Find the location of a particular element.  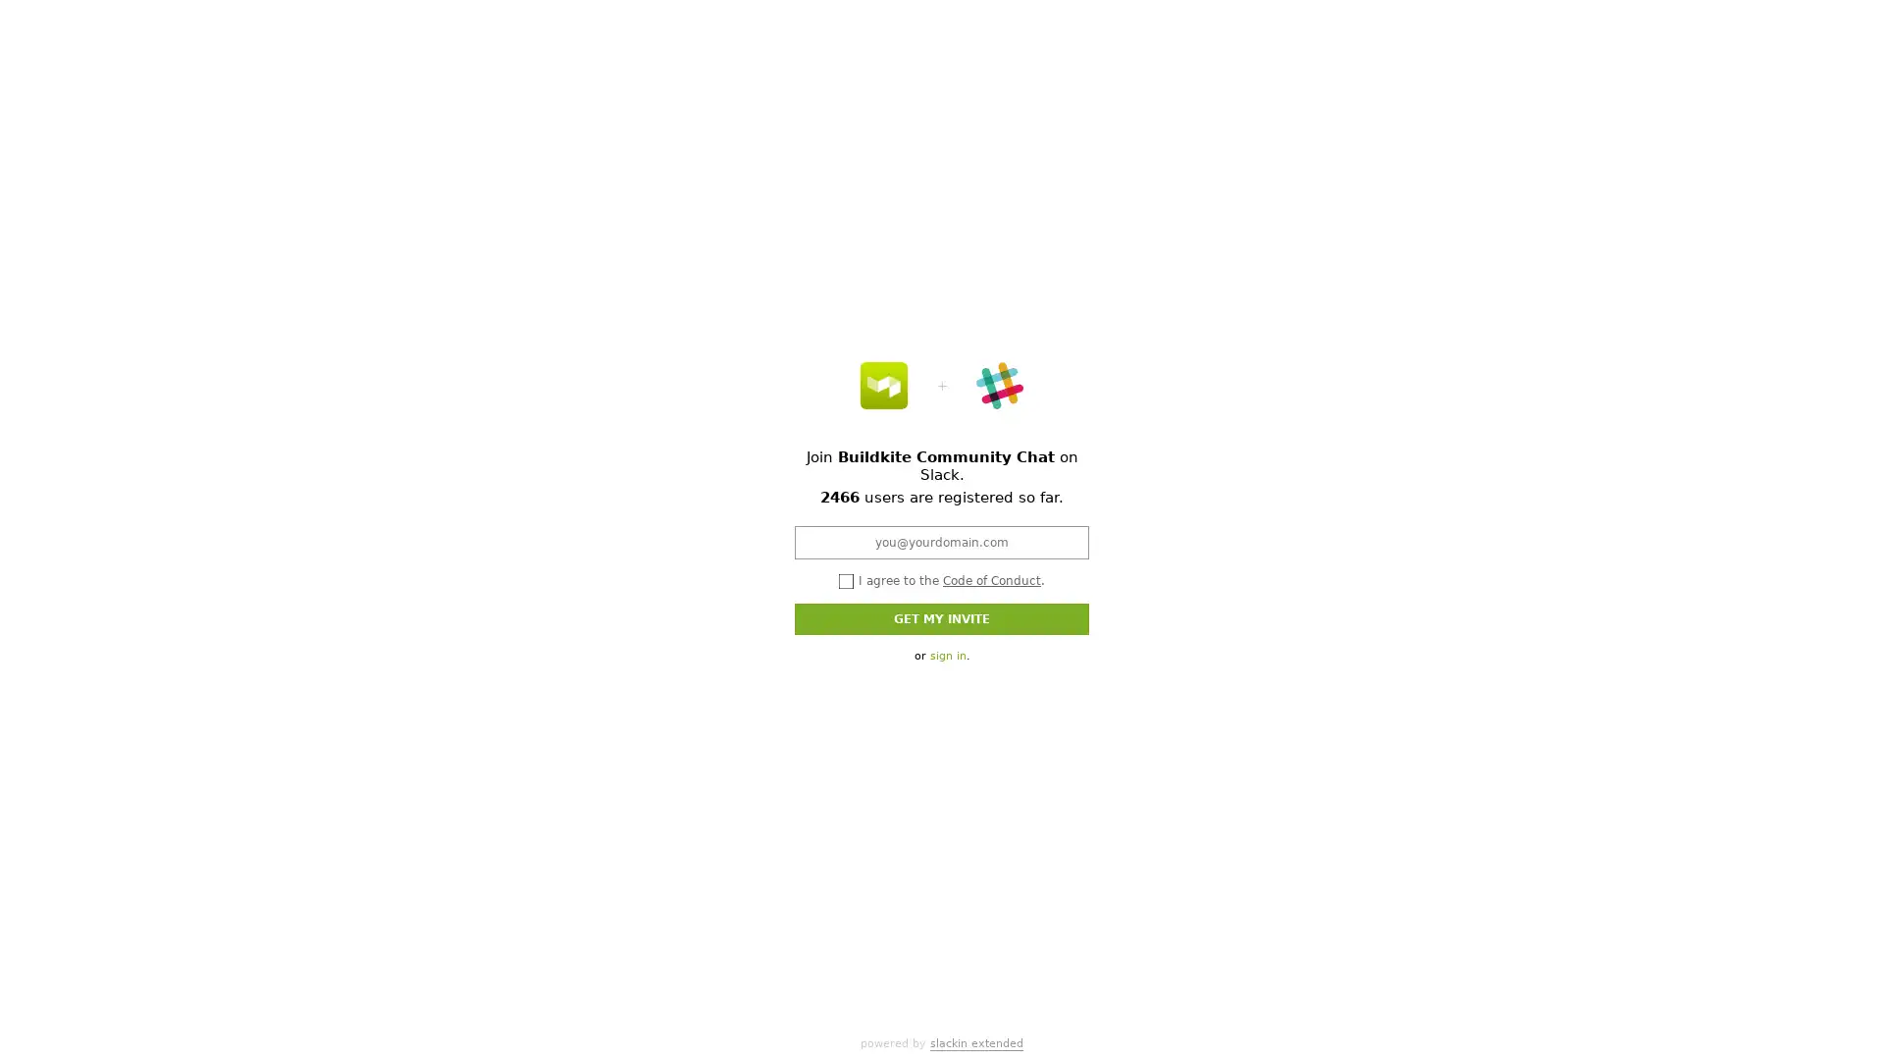

GET MY INVITE is located at coordinates (942, 616).